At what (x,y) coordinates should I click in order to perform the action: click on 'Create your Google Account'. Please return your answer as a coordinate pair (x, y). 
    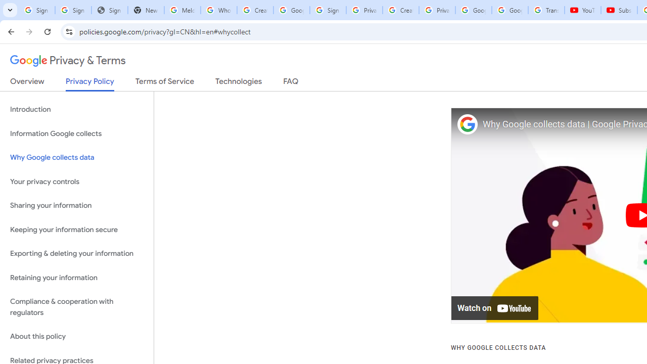
    Looking at the image, I should click on (400, 10).